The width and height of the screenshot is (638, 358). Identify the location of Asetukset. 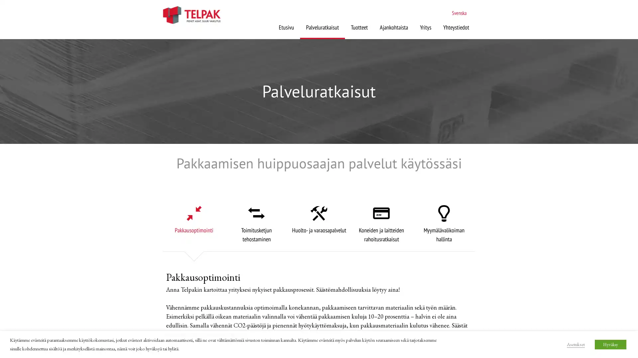
(575, 343).